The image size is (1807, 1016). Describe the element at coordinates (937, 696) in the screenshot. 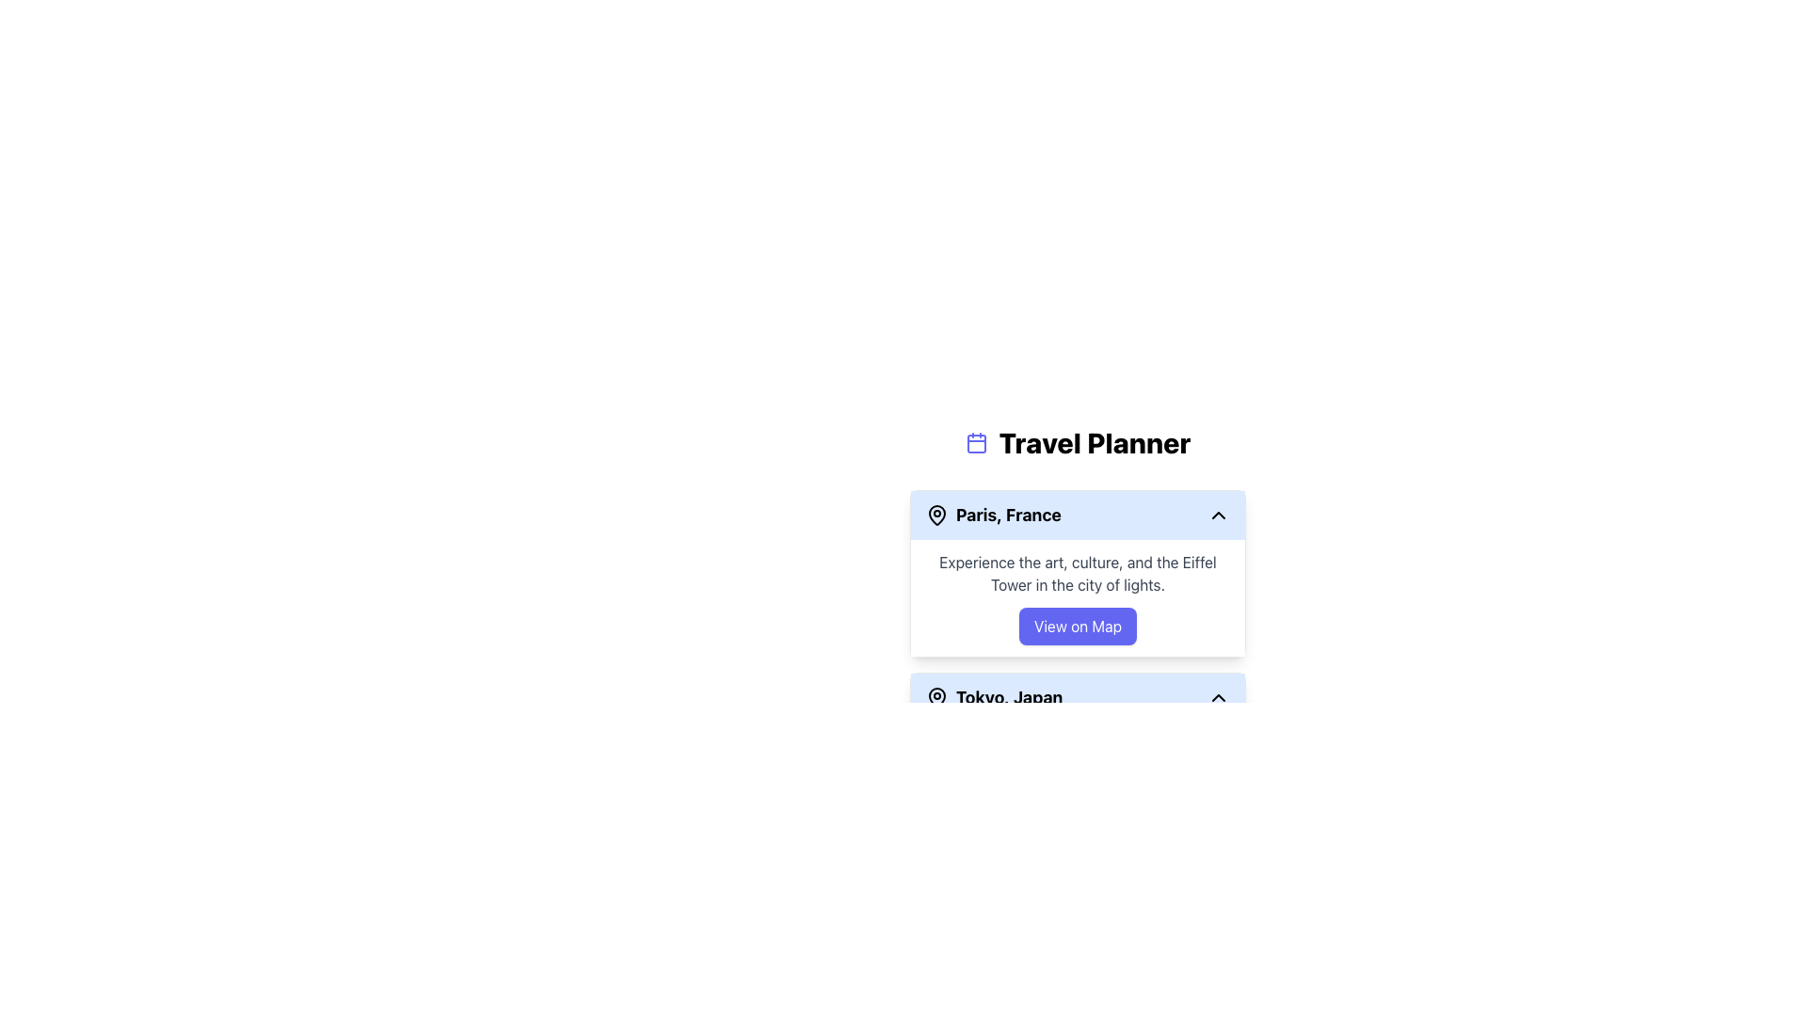

I see `the location marker icon associated with 'Tokyo, Japan', which is positioned on the left side of the text` at that location.